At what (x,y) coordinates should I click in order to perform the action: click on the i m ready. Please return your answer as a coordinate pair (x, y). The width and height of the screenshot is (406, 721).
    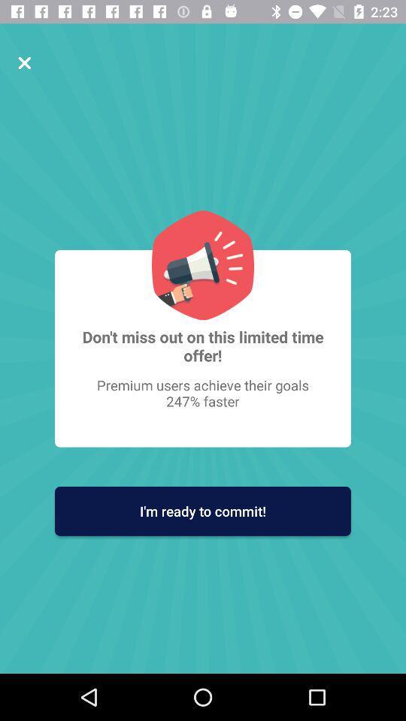
    Looking at the image, I should click on (203, 511).